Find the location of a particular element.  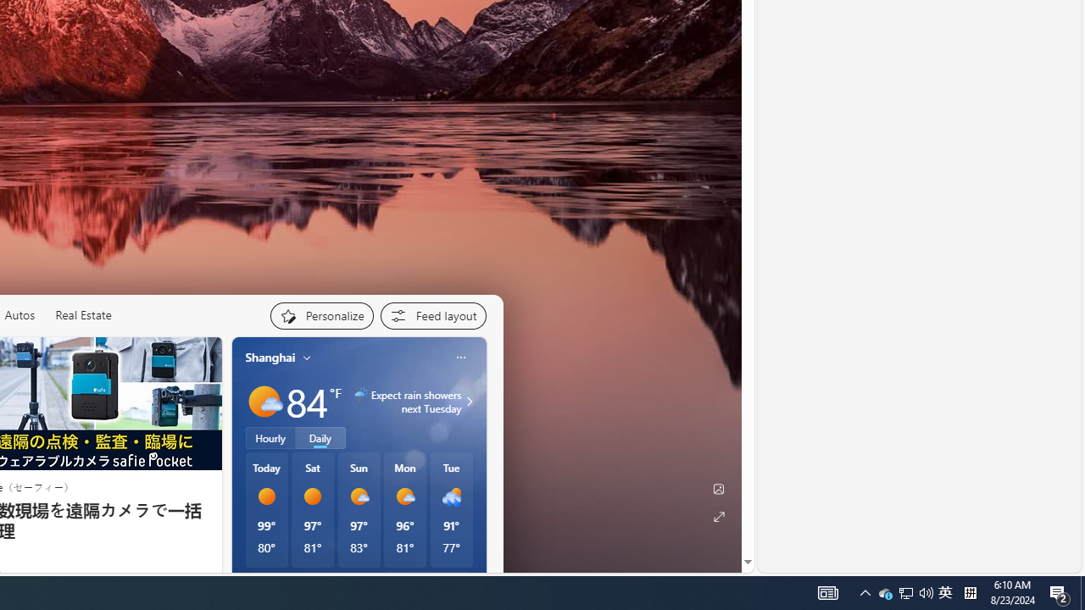

'Shanghai' is located at coordinates (270, 357).